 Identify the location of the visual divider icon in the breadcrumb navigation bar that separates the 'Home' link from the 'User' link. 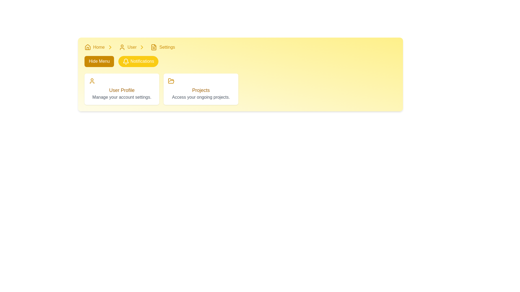
(110, 47).